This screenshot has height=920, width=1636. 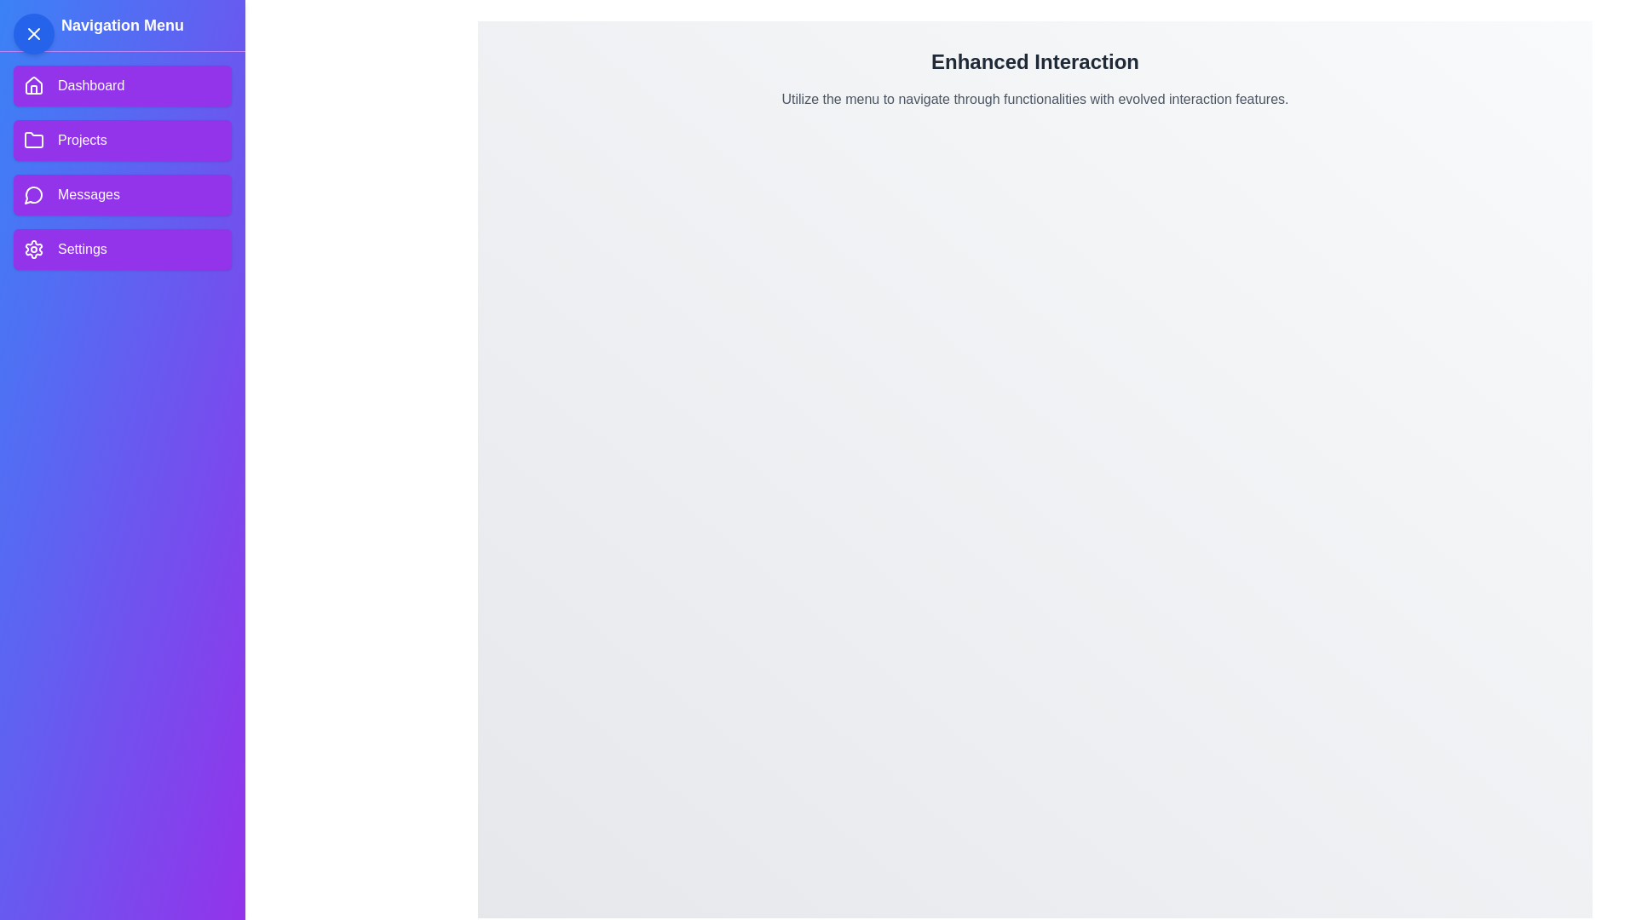 What do you see at coordinates (122, 193) in the screenshot?
I see `the menu item Messages to reveal its hover effect` at bounding box center [122, 193].